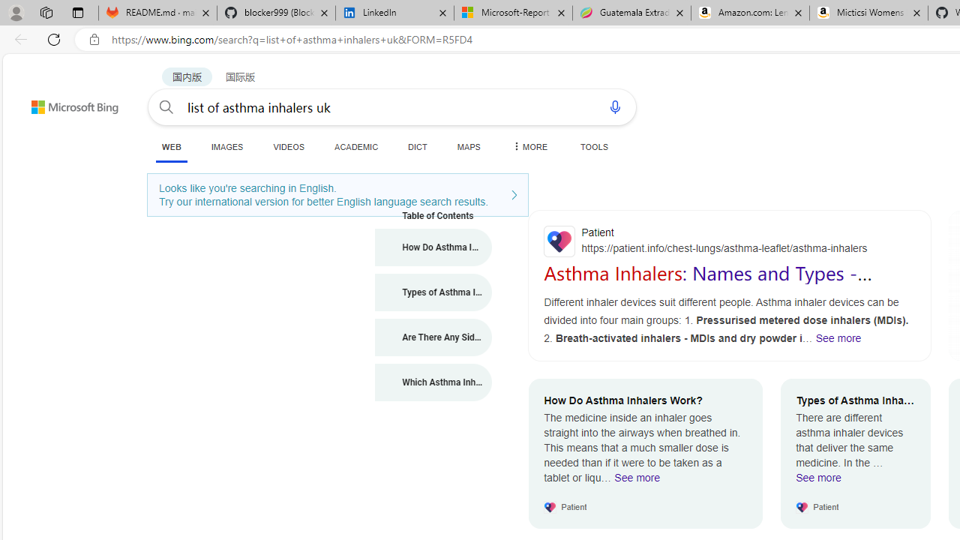  Describe the element at coordinates (433, 247) in the screenshot. I see `'How Do Asthma Inhalers Work?'` at that location.